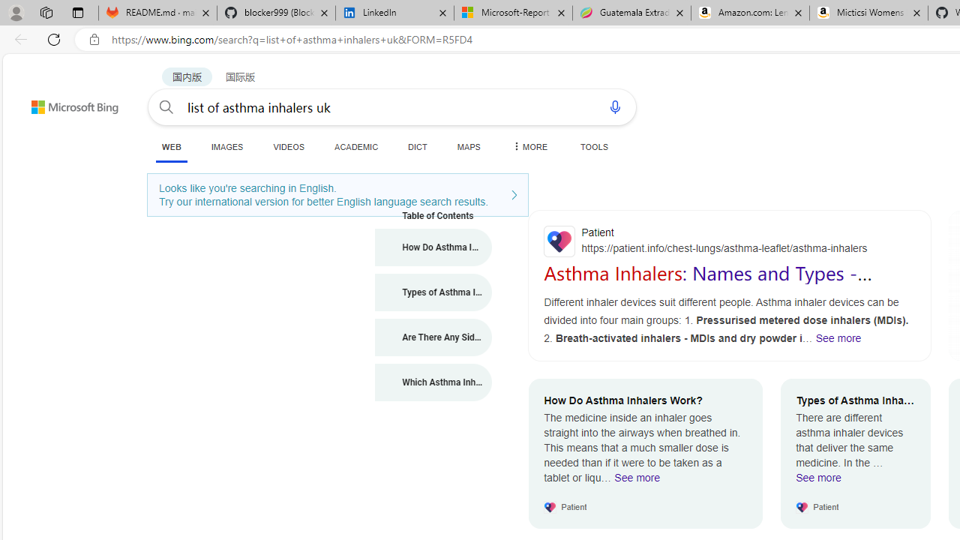  Describe the element at coordinates (433, 247) in the screenshot. I see `'How Do Asthma Inhalers Work?'` at that location.